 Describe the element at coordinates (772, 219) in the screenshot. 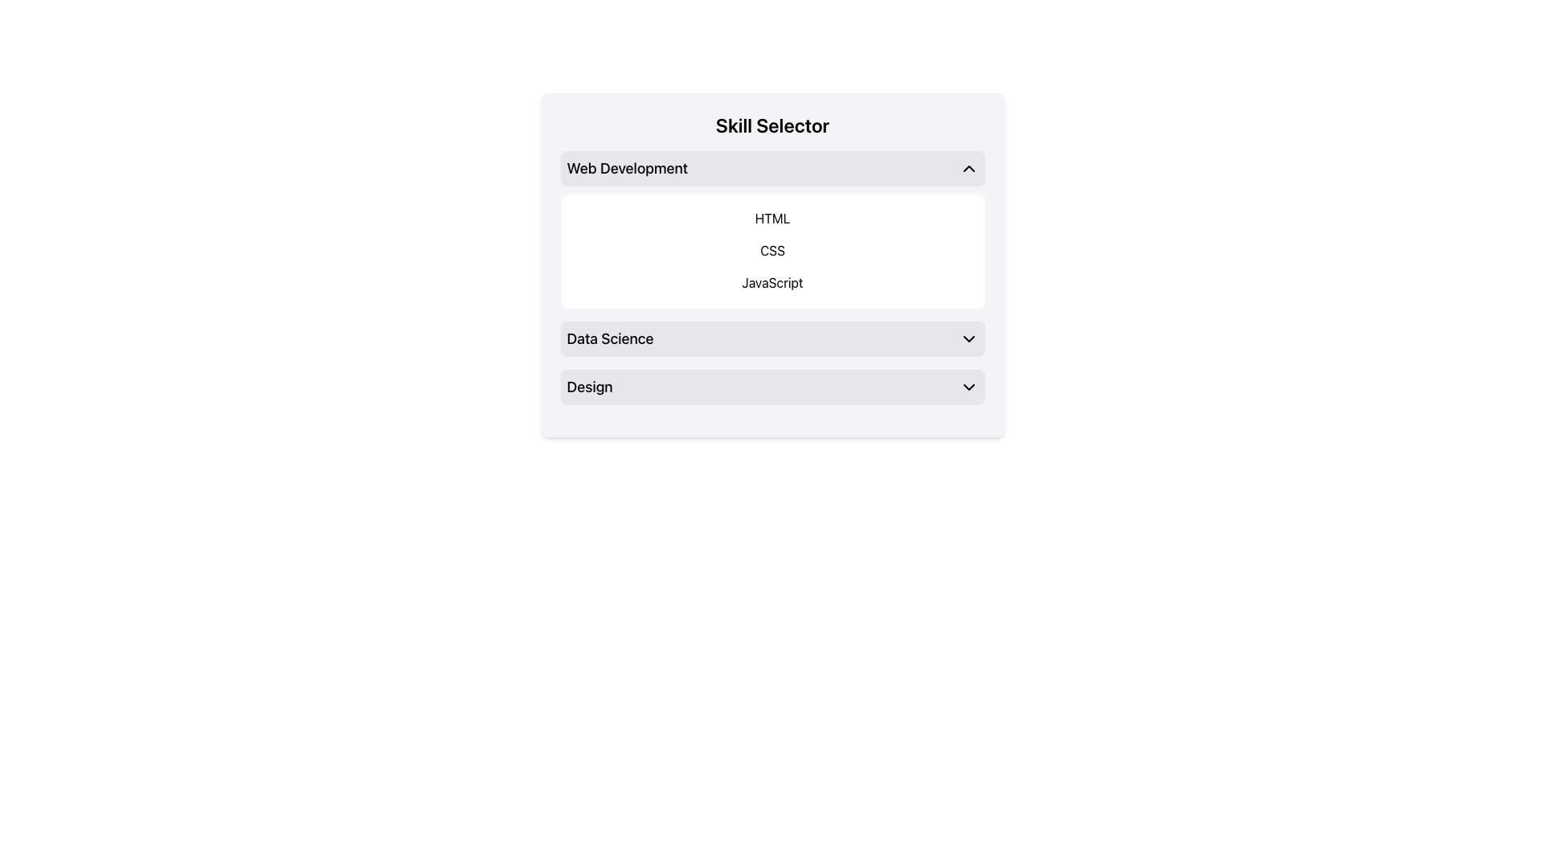

I see `the text label 'HTML' in the vertically stacked list under the 'Web Development' section` at that location.